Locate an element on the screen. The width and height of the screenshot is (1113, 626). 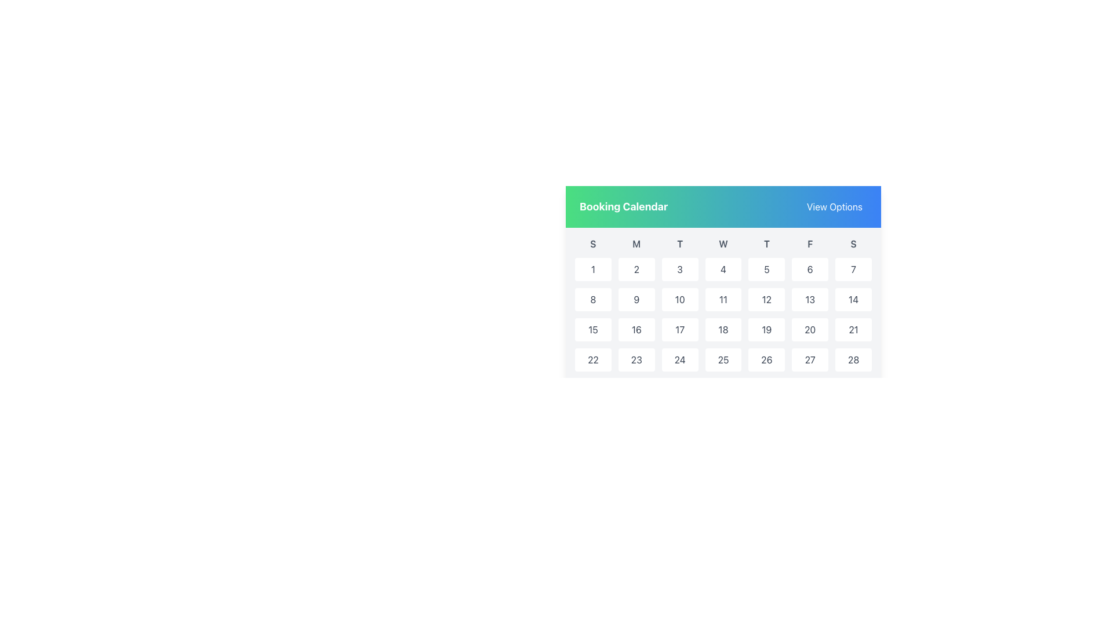
the text label displaying the number '2' in the second column of the calendar grid layout, which is styled with dark gray text on a white background is located at coordinates (636, 270).